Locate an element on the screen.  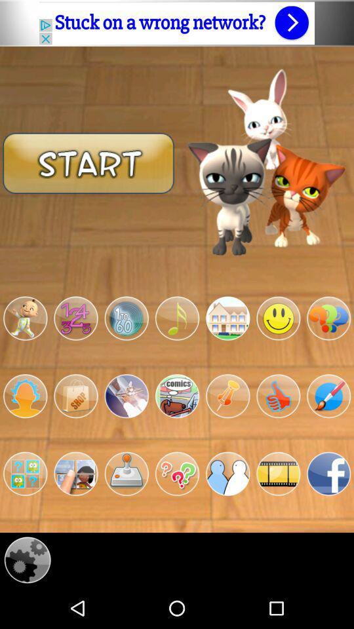
the icon at the left corner bottom of the page is located at coordinates (28, 559).